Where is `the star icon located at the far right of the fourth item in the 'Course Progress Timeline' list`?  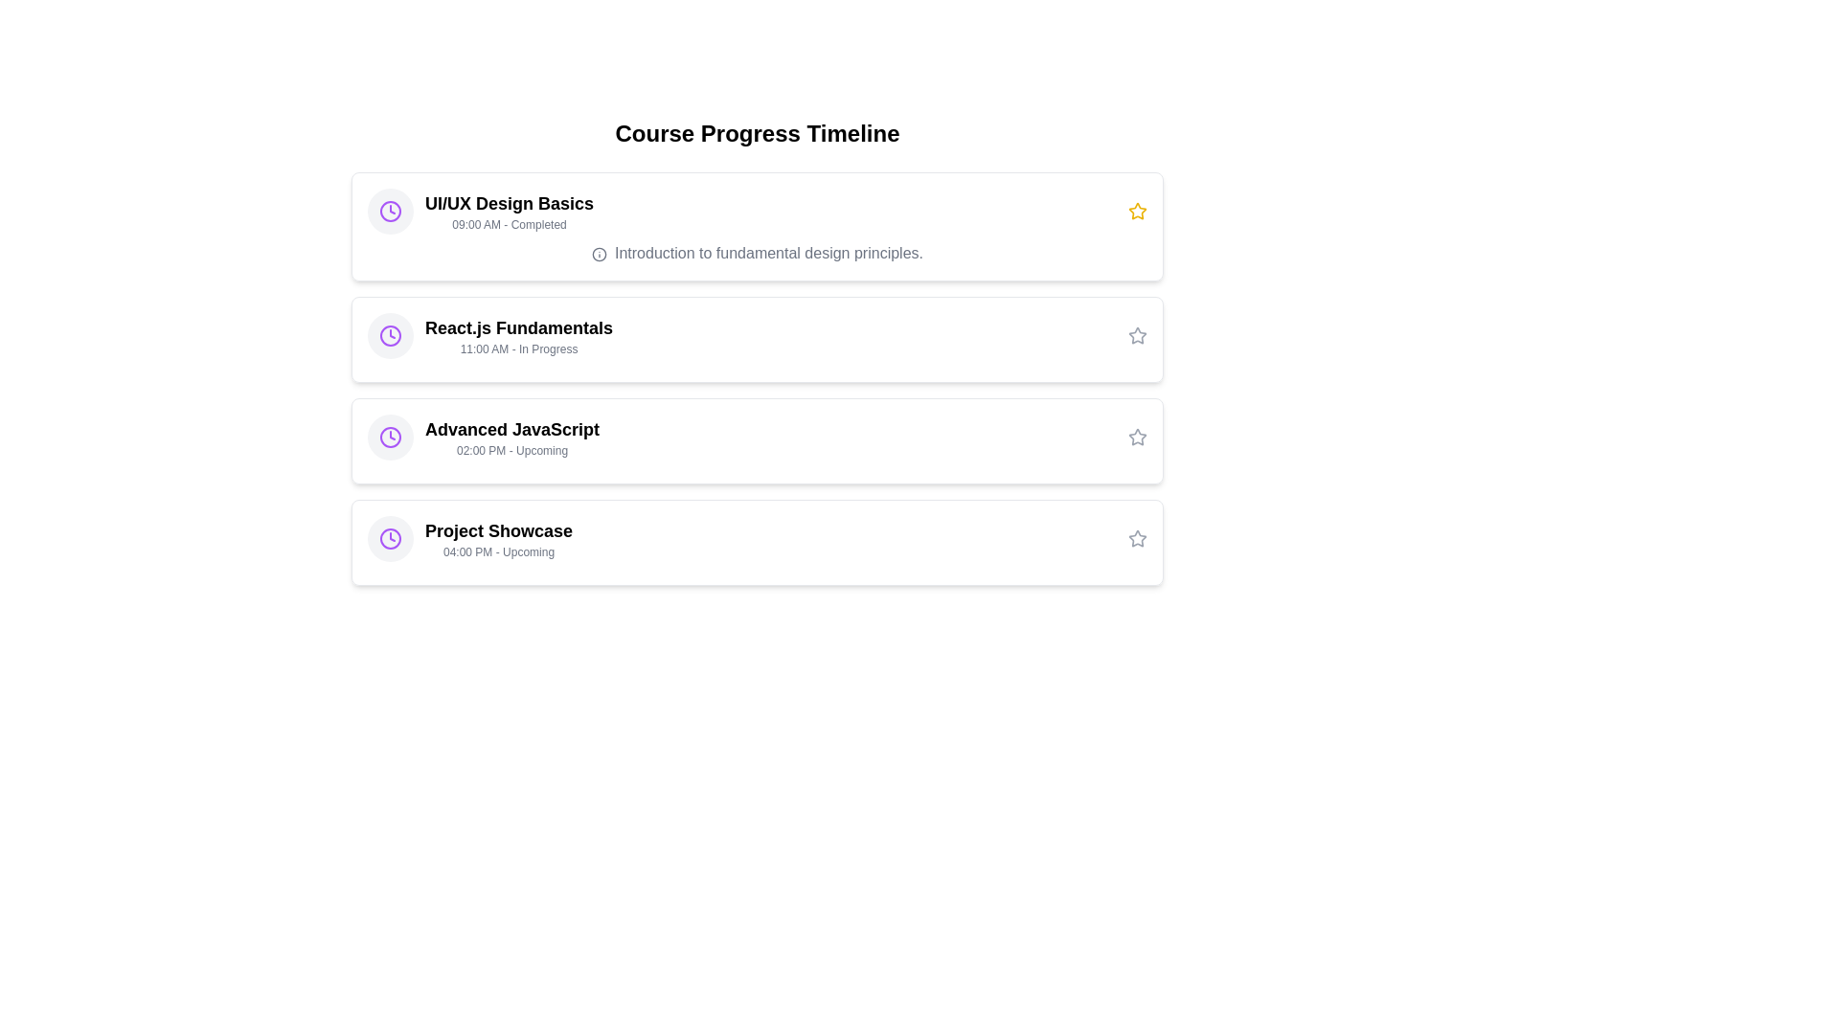
the star icon located at the far right of the fourth item in the 'Course Progress Timeline' list is located at coordinates (1138, 539).